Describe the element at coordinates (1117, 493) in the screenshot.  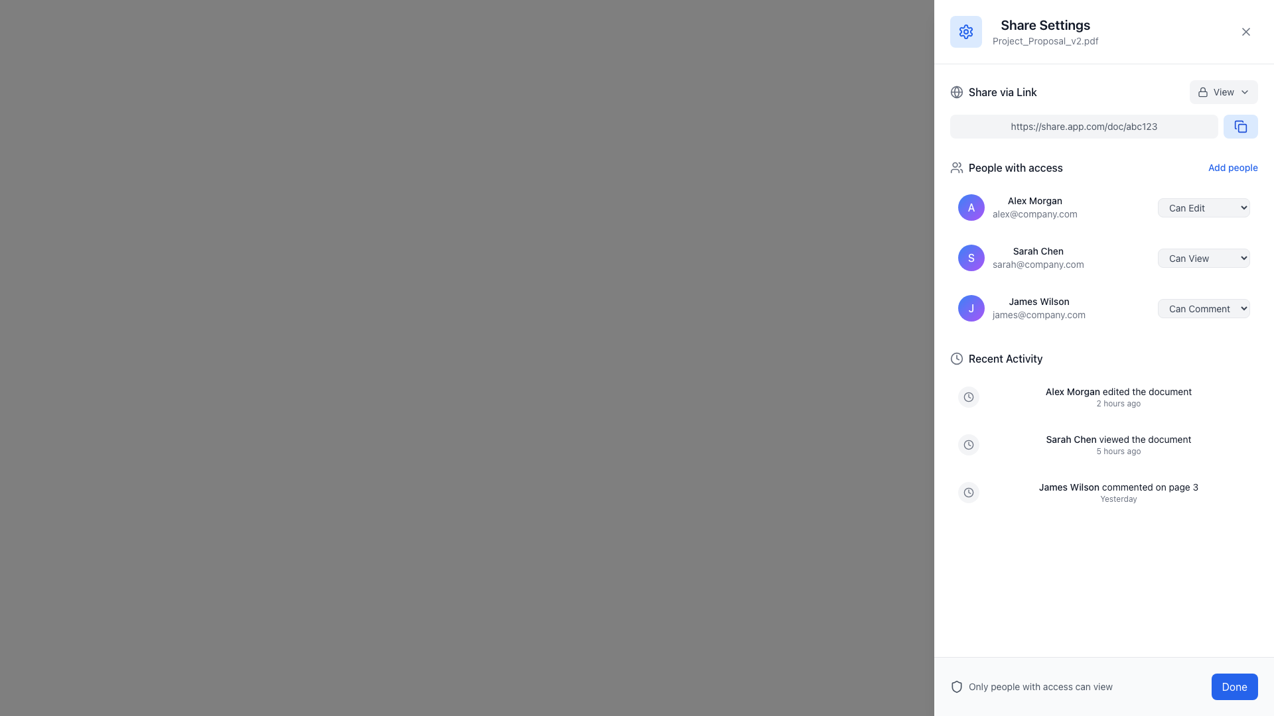
I see `the text display element that shows 'James Wilson commented on page 3' and 'Yesterday' in the Recent Activity section, positioned below a clock icon` at that location.